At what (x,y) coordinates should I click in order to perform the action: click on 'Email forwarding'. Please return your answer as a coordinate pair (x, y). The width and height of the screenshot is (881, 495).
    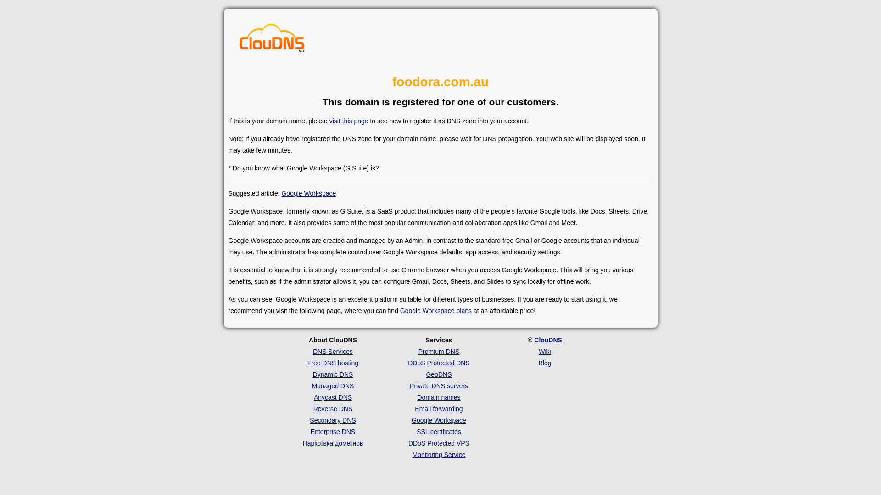
    Looking at the image, I should click on (414, 408).